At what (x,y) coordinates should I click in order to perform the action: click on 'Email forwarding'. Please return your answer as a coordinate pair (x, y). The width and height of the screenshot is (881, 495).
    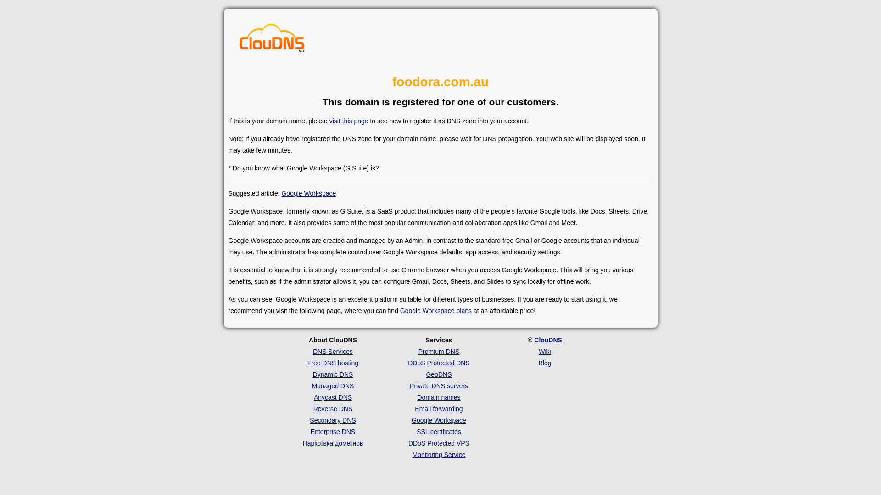
    Looking at the image, I should click on (414, 408).